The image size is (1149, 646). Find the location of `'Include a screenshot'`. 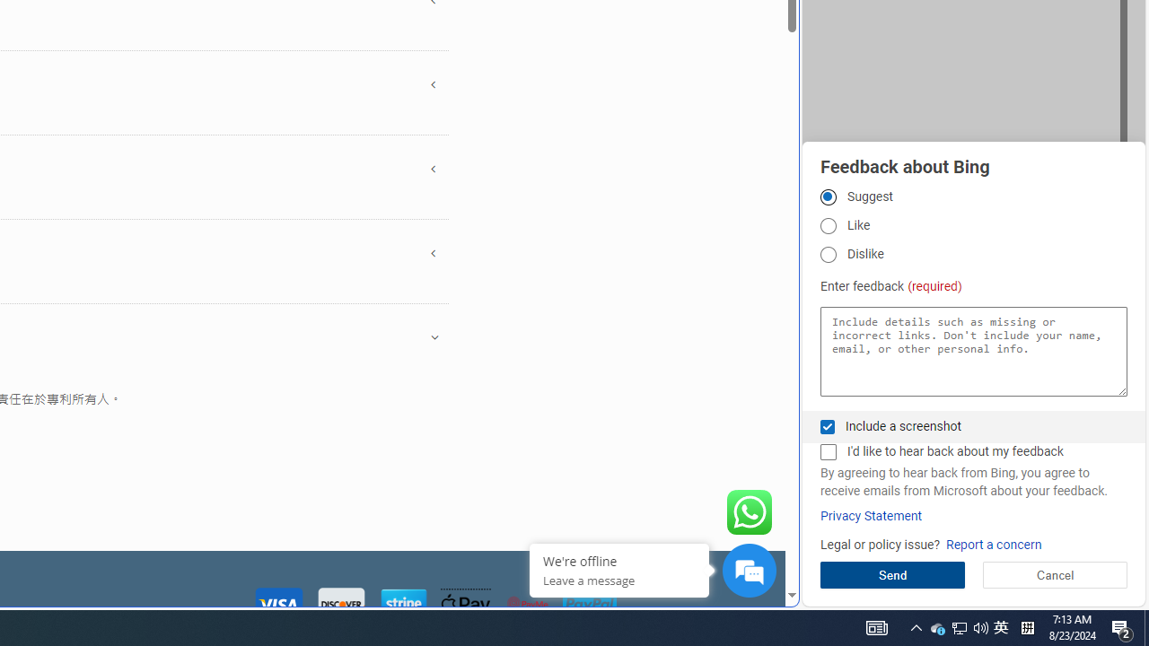

'Include a screenshot' is located at coordinates (827, 426).